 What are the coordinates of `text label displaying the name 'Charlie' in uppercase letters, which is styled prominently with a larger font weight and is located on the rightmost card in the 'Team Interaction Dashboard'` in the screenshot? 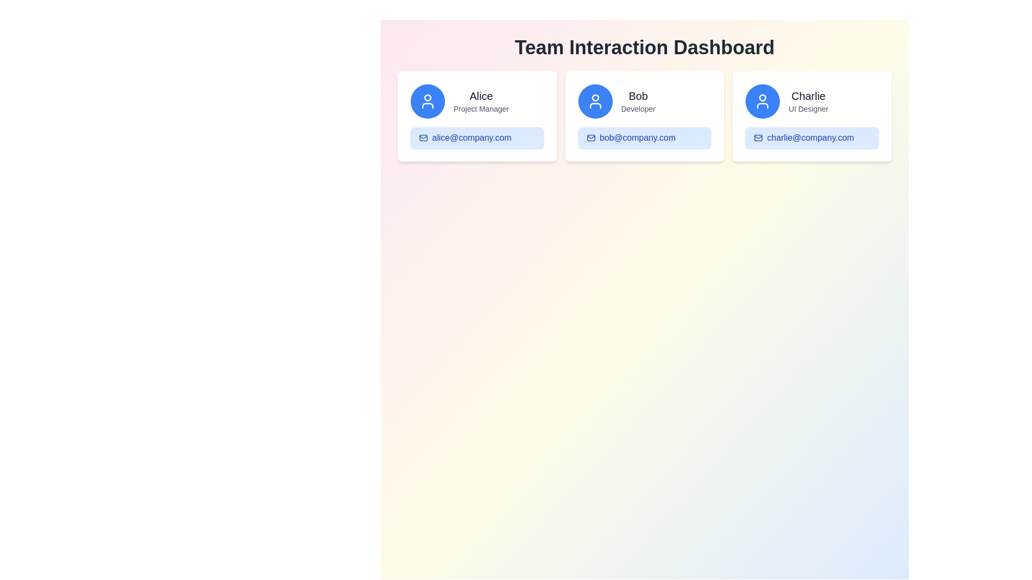 It's located at (808, 95).